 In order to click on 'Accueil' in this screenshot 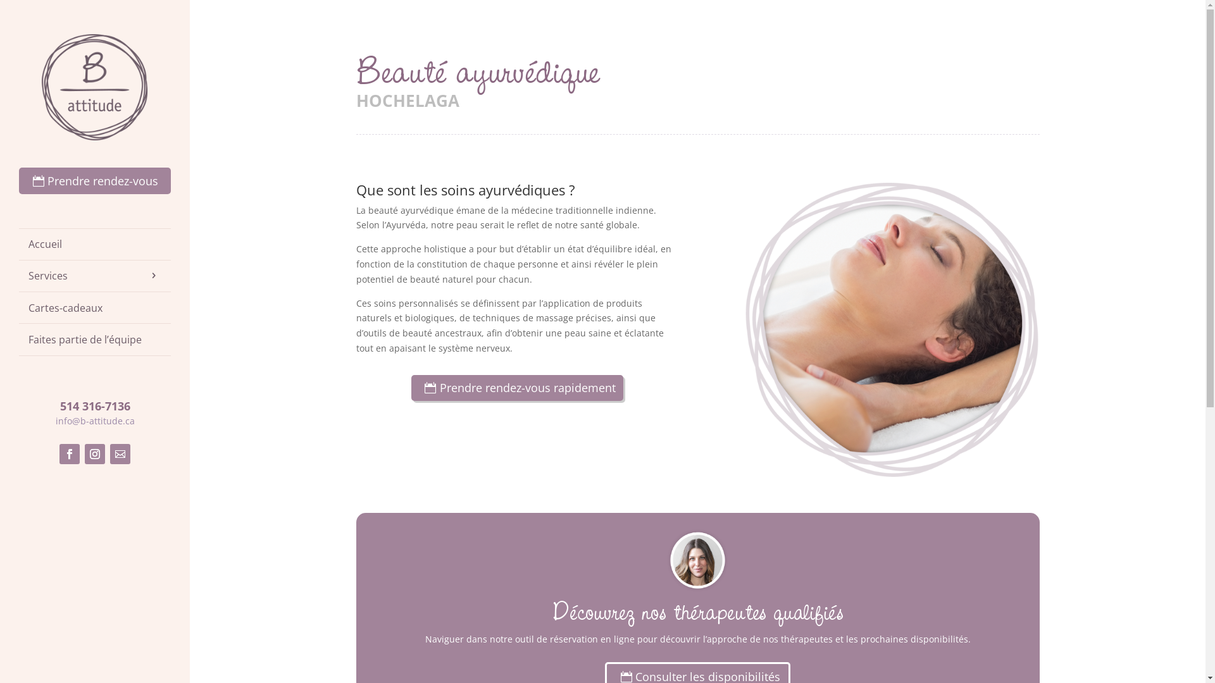, I will do `click(94, 243)`.